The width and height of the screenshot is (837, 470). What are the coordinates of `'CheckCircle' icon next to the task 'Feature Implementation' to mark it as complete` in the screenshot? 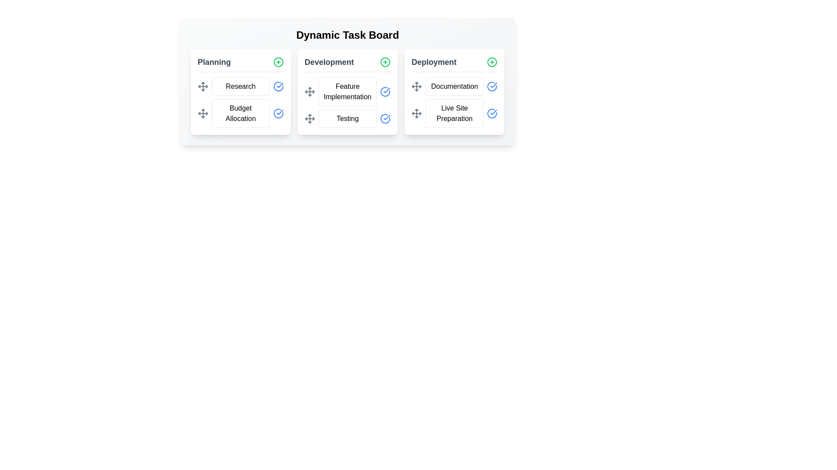 It's located at (385, 92).